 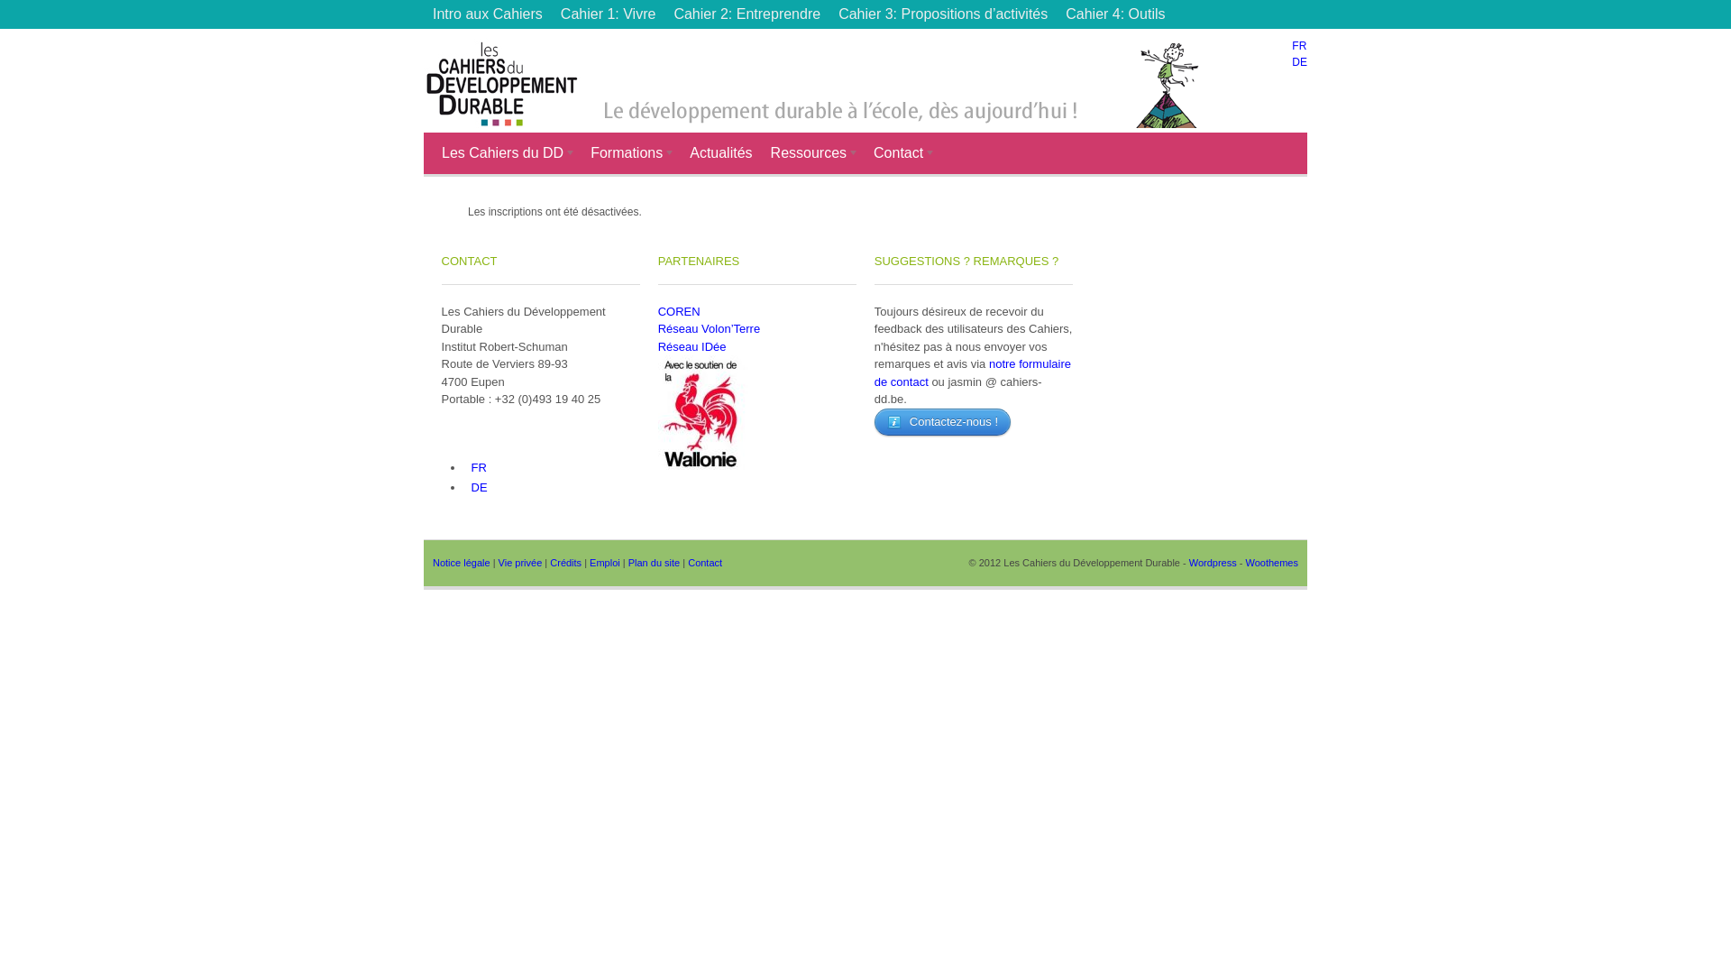 I want to click on 'Contact', so click(x=687, y=562).